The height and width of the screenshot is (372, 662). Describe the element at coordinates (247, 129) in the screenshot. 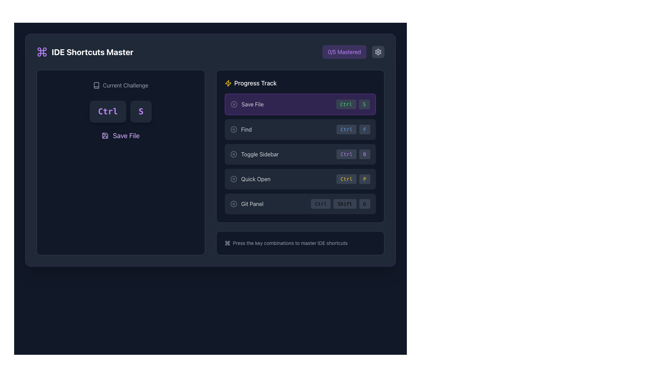

I see `the text label displaying 'Find' in gray color located in the 'Progress Track' section, positioned between a close icon and space to the right` at that location.